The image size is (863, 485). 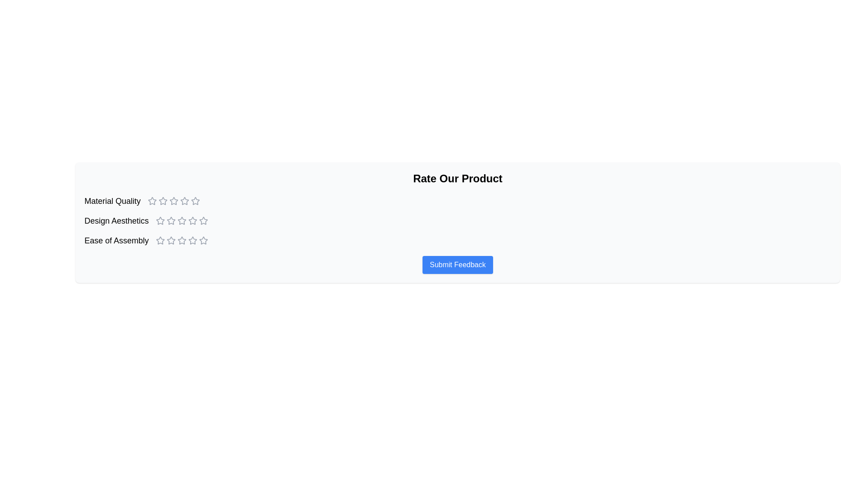 What do you see at coordinates (174, 200) in the screenshot?
I see `the second star in the interactive star rating component for 'Material Quality'` at bounding box center [174, 200].